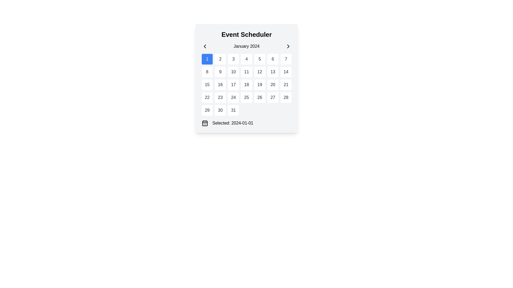  Describe the element at coordinates (207, 72) in the screenshot. I see `the button representing the date '8' in the calendar grid of the 'Event Scheduler' component` at that location.